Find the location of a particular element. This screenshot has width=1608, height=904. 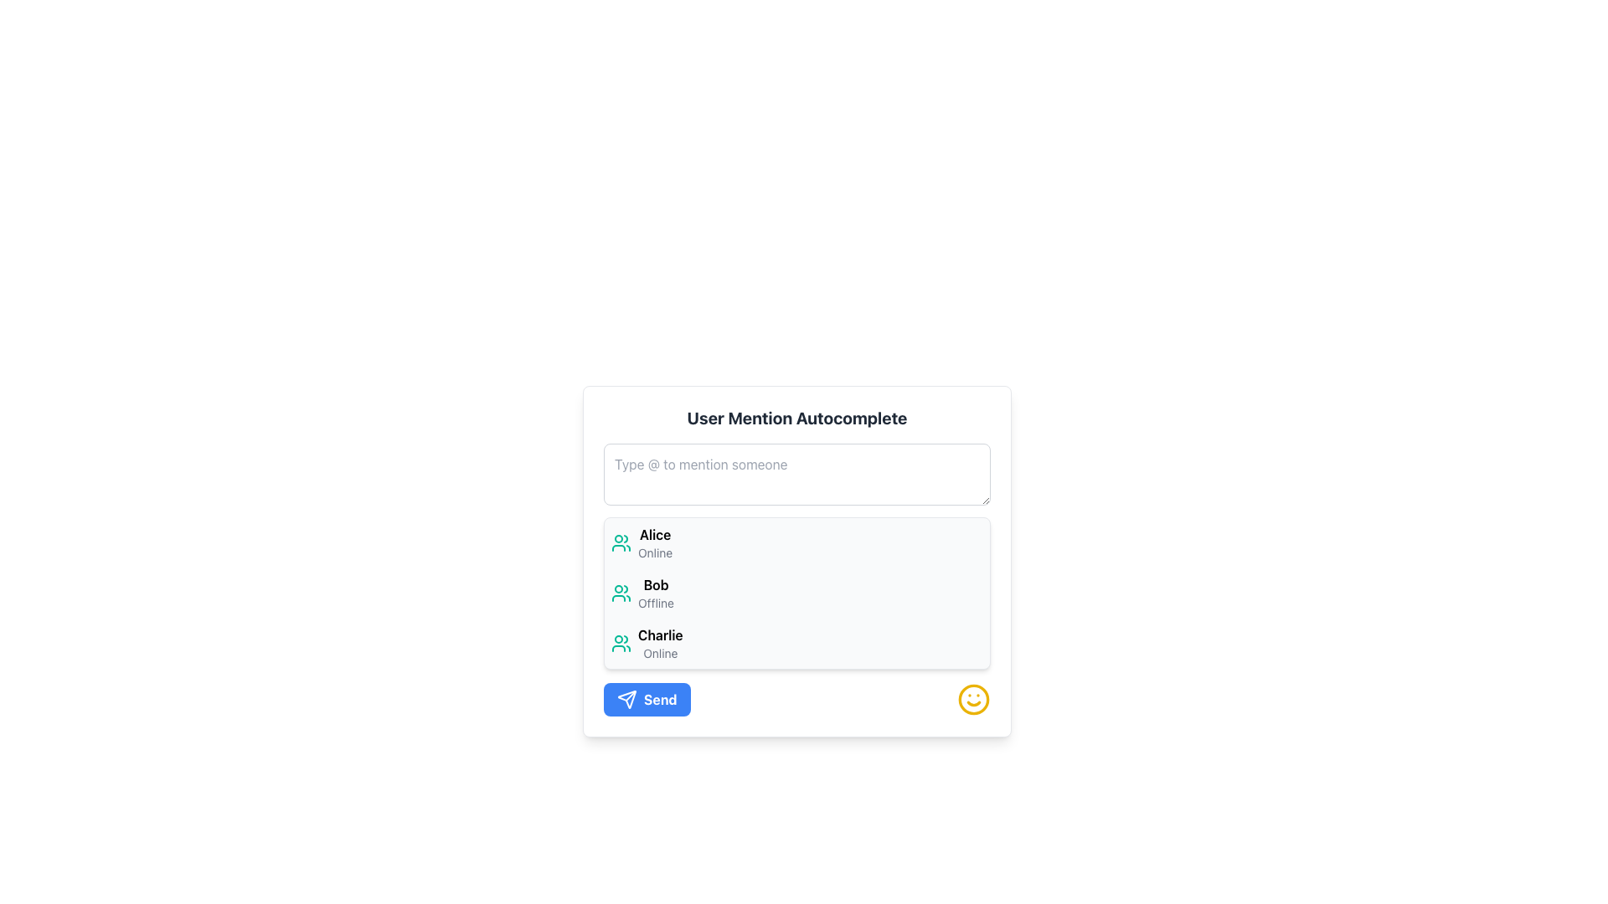

the static text label displaying 'Bob' in the user mention autocomplete dropdown is located at coordinates (655, 583).